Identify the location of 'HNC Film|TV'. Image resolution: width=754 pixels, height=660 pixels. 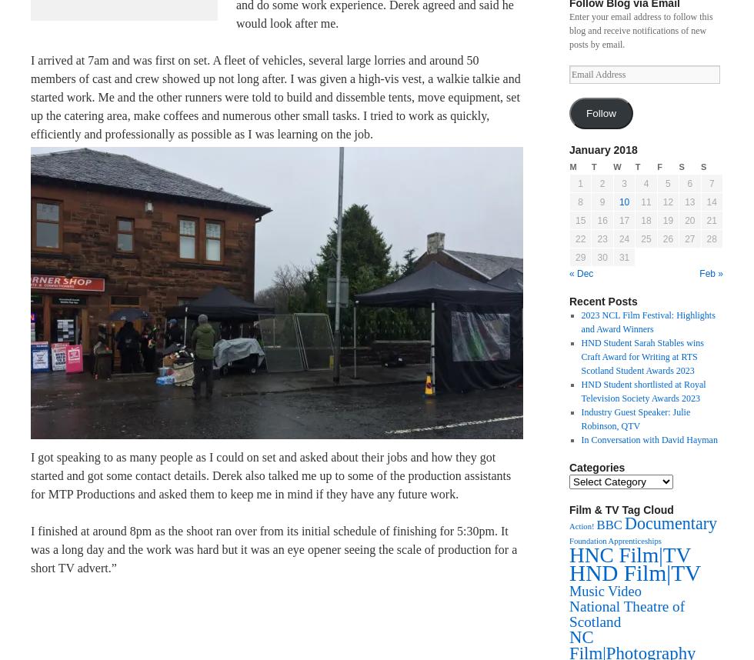
(629, 555).